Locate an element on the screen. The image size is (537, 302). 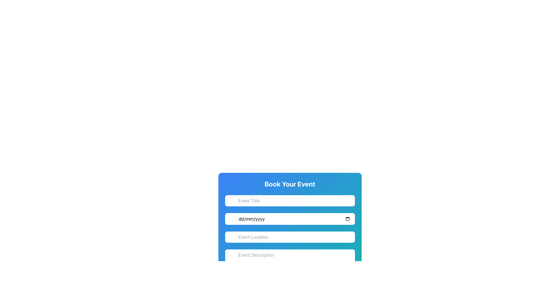
the calendar icon located to the left within the date input field under the title 'Book Your Event' for contextual understanding is located at coordinates (232, 220).